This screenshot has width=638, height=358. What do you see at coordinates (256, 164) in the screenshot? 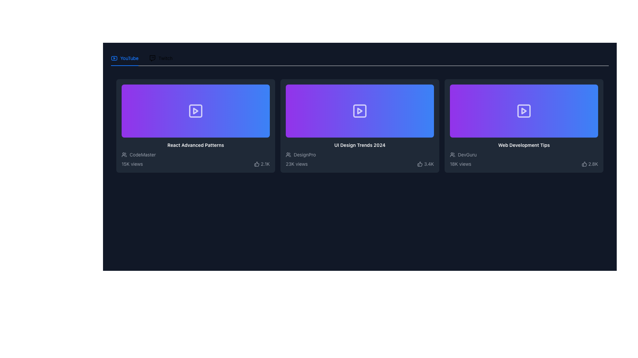
I see `the thumbs-up icon located in the leftmost card of the horizontal layout for the video titled 'React Advanced Patterns'` at bounding box center [256, 164].